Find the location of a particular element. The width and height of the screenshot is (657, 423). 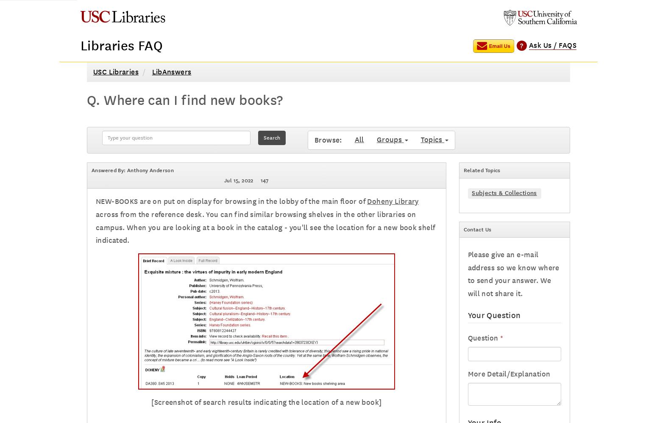

'Contact Us' is located at coordinates (477, 229).